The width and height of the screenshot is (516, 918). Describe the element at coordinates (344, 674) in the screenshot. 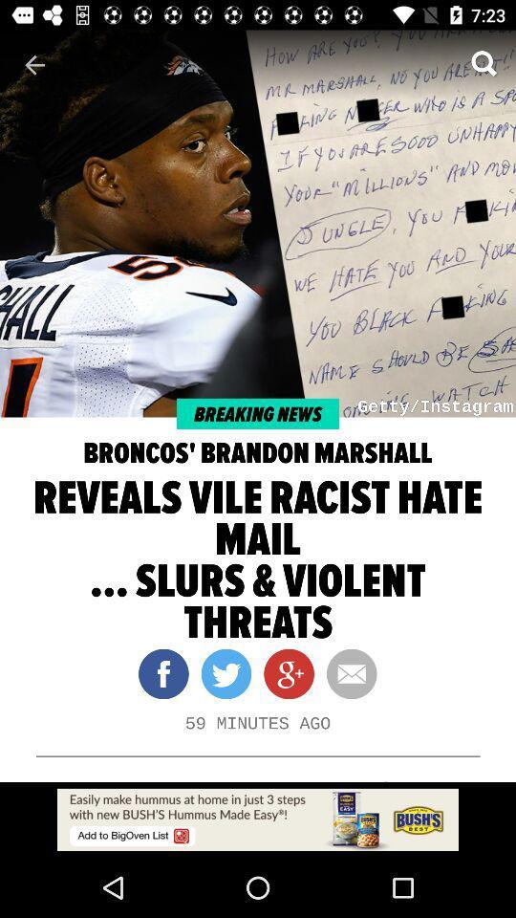

I see `the email icon` at that location.